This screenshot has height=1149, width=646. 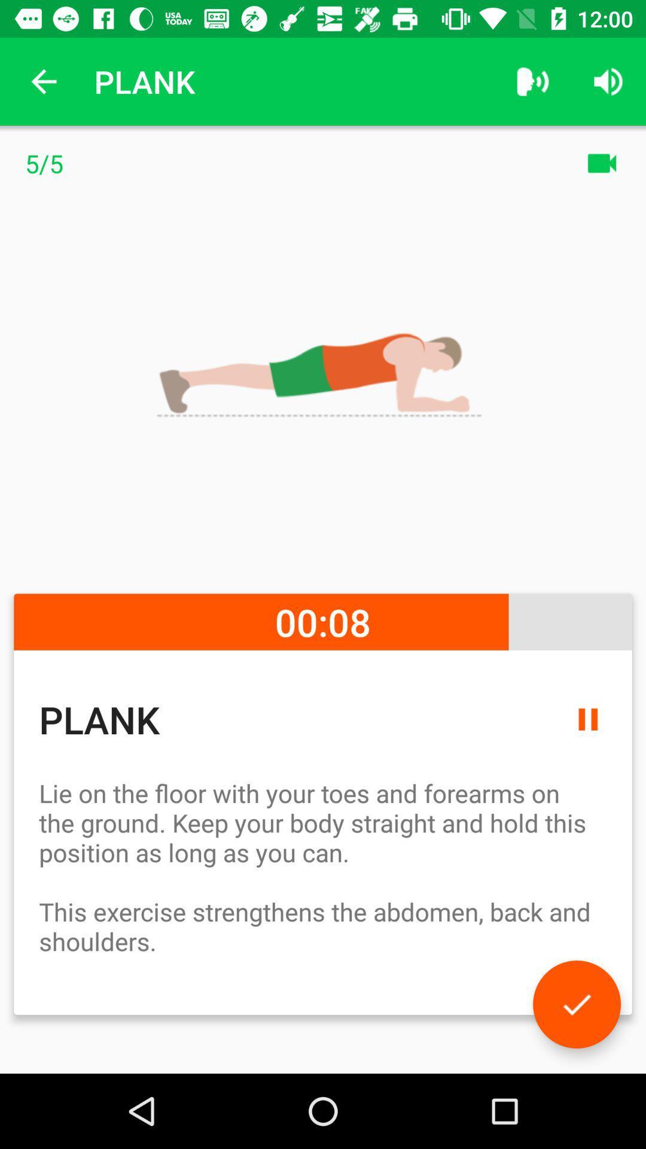 What do you see at coordinates (576, 1004) in the screenshot?
I see `icon below lie on the icon` at bounding box center [576, 1004].